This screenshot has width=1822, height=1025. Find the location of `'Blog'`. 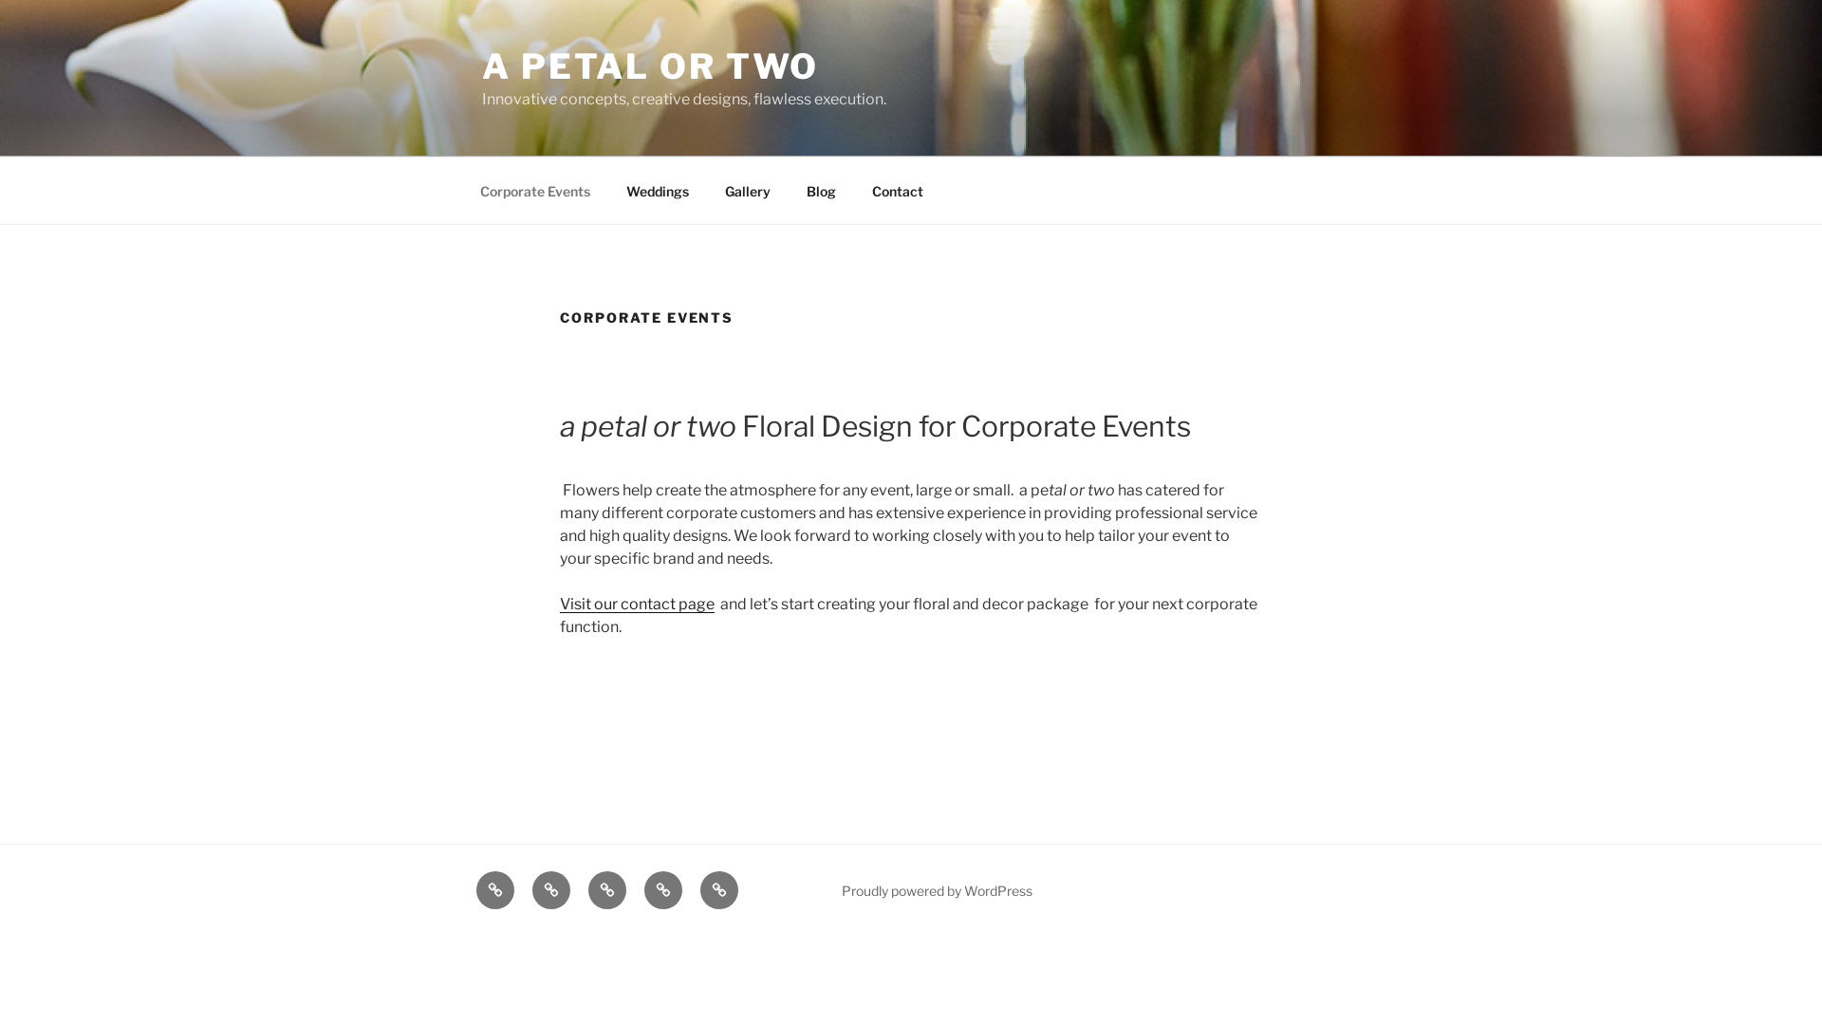

'Blog' is located at coordinates (663, 889).